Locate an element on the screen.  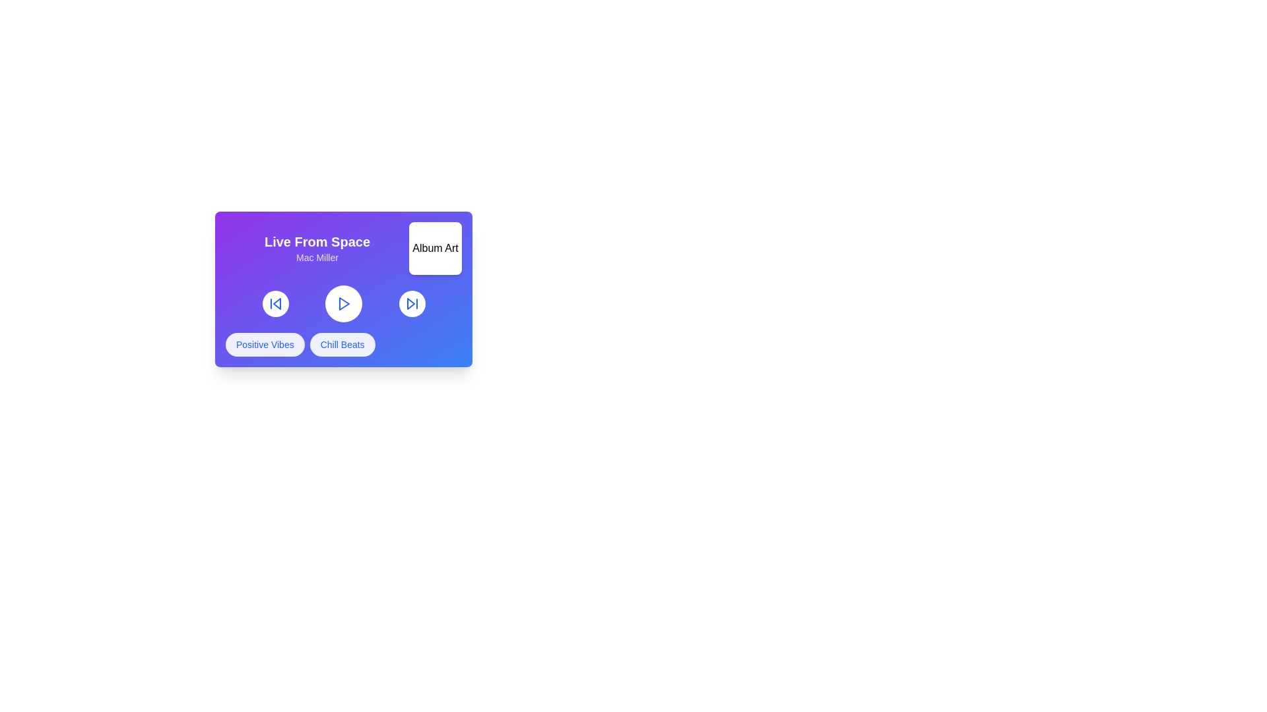
the triangular play button icon with a blue outline, which is located at the center of the circular white background in the media player interface is located at coordinates (344, 304).